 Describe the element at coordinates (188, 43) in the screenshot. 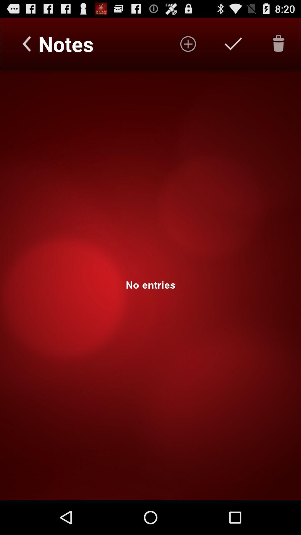

I see `entries` at that location.